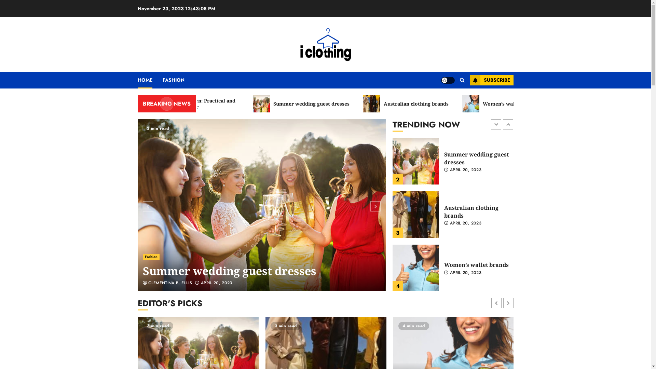  What do you see at coordinates (491, 80) in the screenshot?
I see `'SUBSCRIBE'` at bounding box center [491, 80].